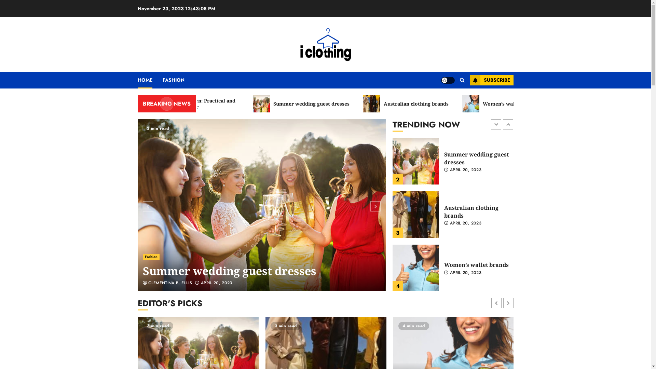  What do you see at coordinates (491, 80) in the screenshot?
I see `'SUBSCRIBE'` at bounding box center [491, 80].